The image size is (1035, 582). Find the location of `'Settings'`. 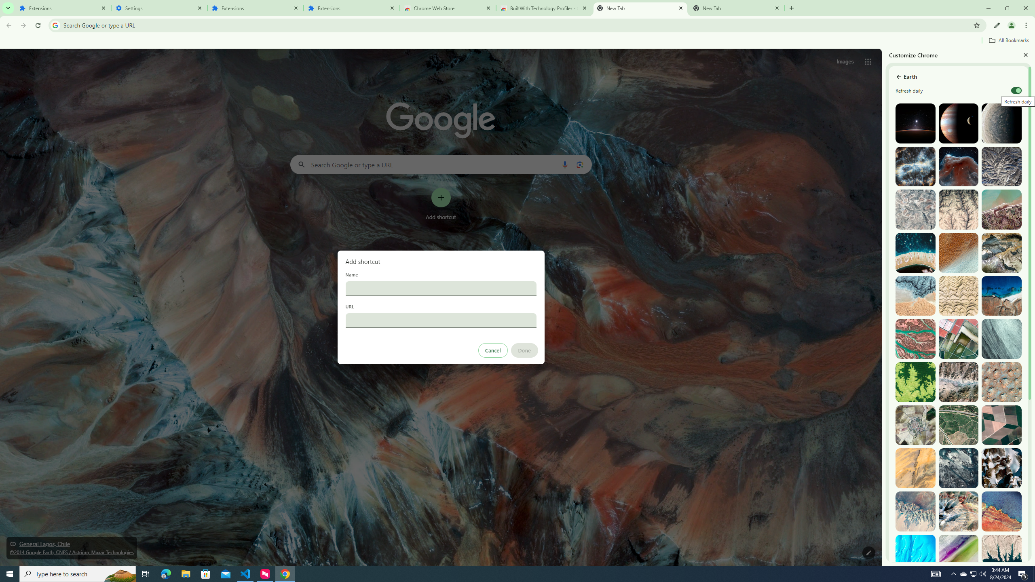

'Settings' is located at coordinates (159, 8).